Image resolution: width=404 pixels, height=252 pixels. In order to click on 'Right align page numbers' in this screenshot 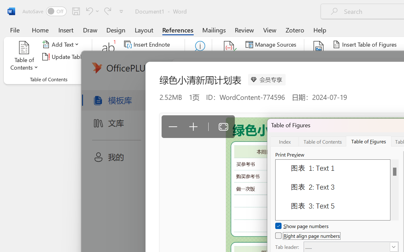, I will do `click(308, 236)`.